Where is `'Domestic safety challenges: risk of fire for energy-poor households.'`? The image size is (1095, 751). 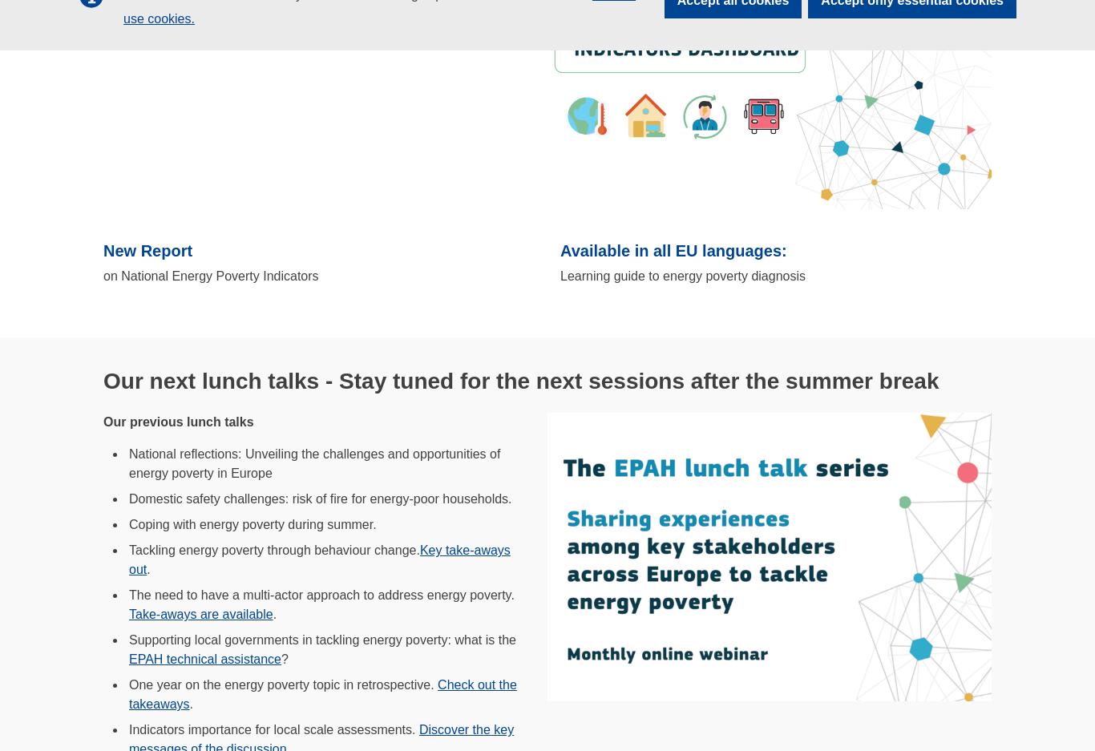
'Domestic safety challenges: risk of fire for energy-poor households.' is located at coordinates (319, 499).